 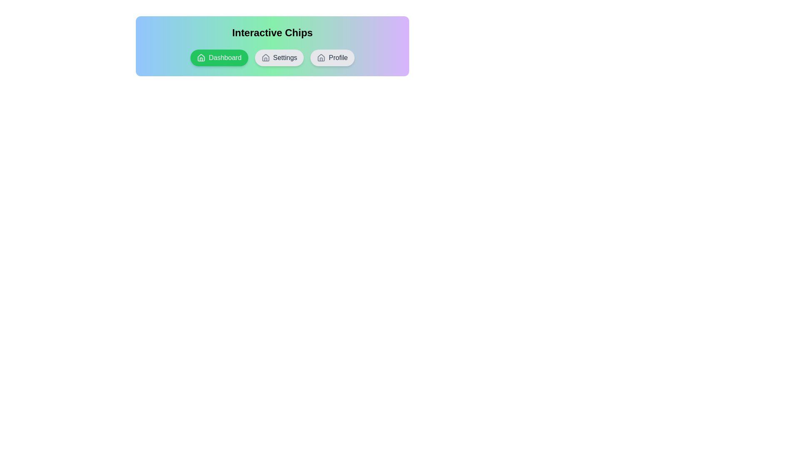 What do you see at coordinates (219, 57) in the screenshot?
I see `the chip labeled Dashboard to observe the hover effect` at bounding box center [219, 57].